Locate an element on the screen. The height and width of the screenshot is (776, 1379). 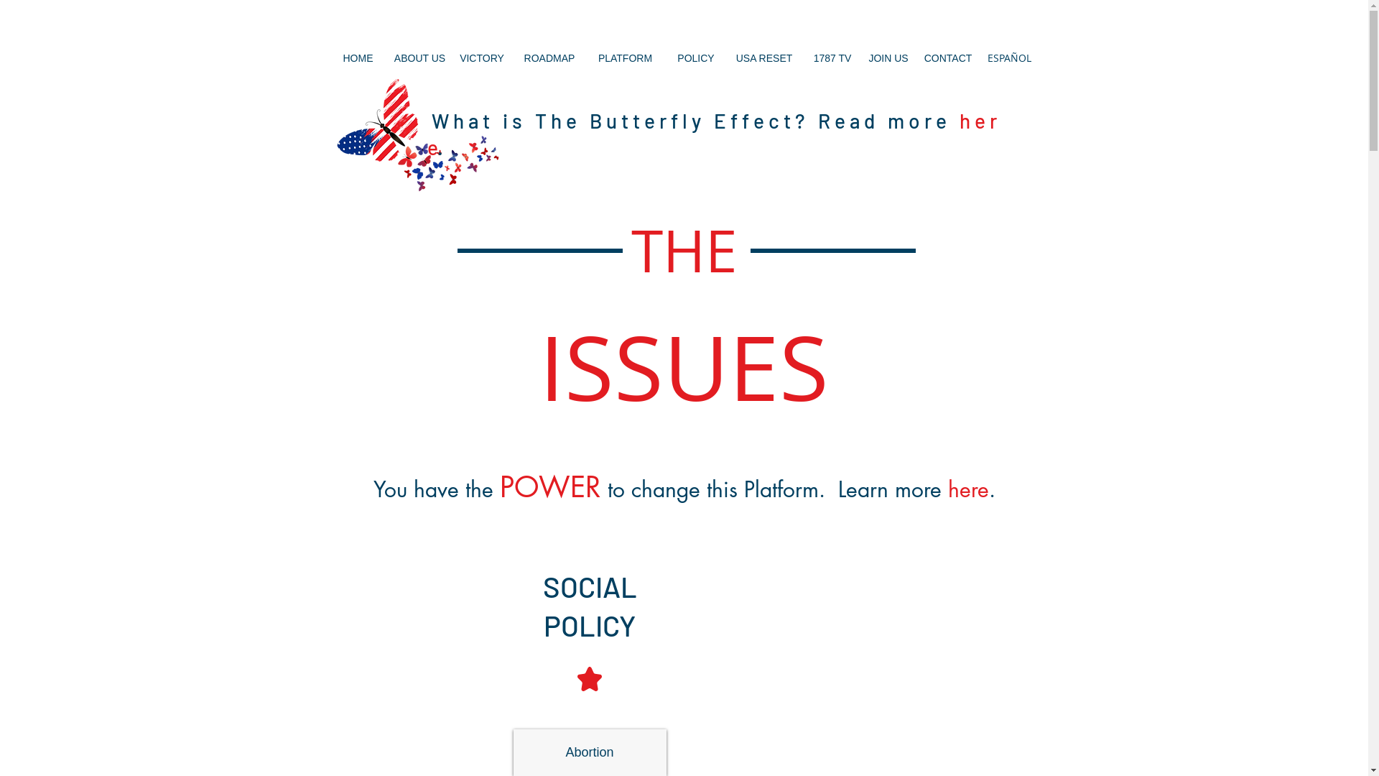
'VICTORY' is located at coordinates (482, 57).